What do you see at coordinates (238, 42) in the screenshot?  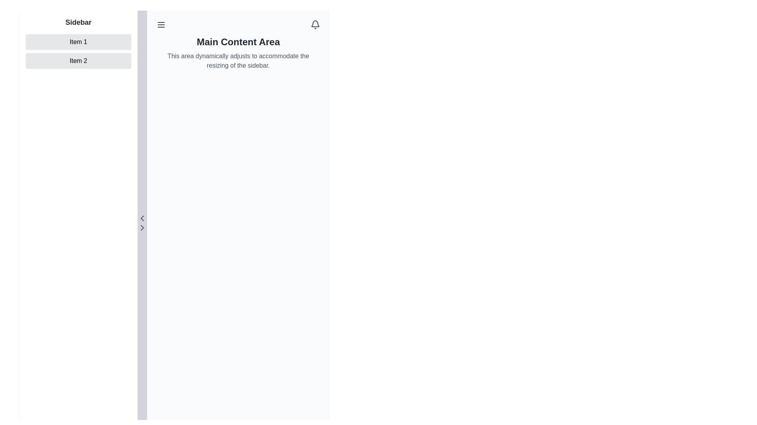 I see `the large headline displaying 'Main Content Area', which is centrally aligned and prominently styled in dark gray against a white background` at bounding box center [238, 42].